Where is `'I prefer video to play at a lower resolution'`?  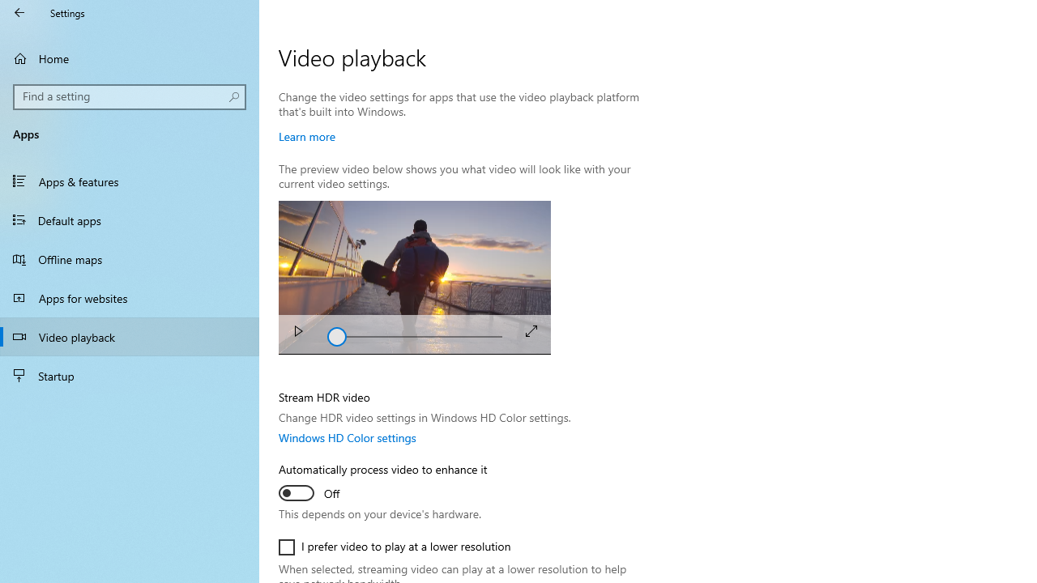
'I prefer video to play at a lower resolution' is located at coordinates (395, 547).